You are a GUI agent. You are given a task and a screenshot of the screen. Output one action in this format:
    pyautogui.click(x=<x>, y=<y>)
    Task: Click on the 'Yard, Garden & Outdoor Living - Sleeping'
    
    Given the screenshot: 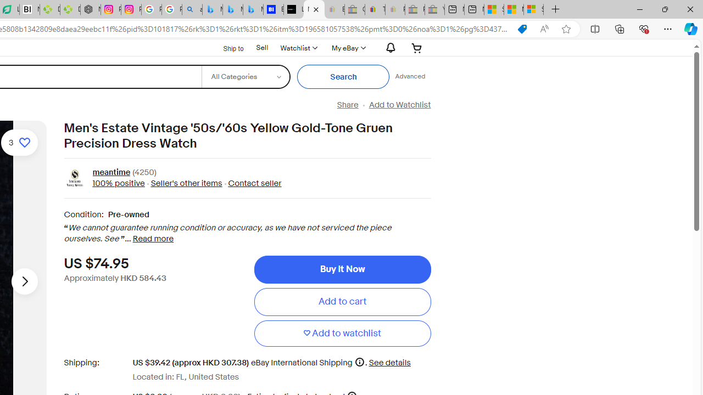 What is the action you would take?
    pyautogui.click(x=434, y=9)
    